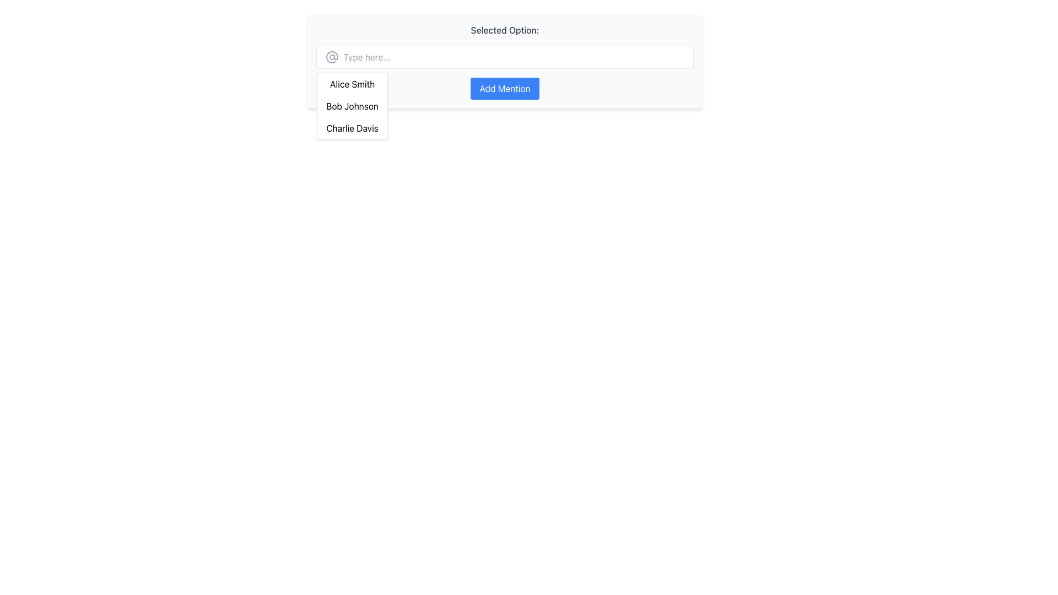 This screenshot has width=1058, height=595. What do you see at coordinates (332, 57) in the screenshot?
I see `the gray '@' icon with a thin outline and circular design, located to the left of the transparent input field with the placeholder 'Type here...'` at bounding box center [332, 57].